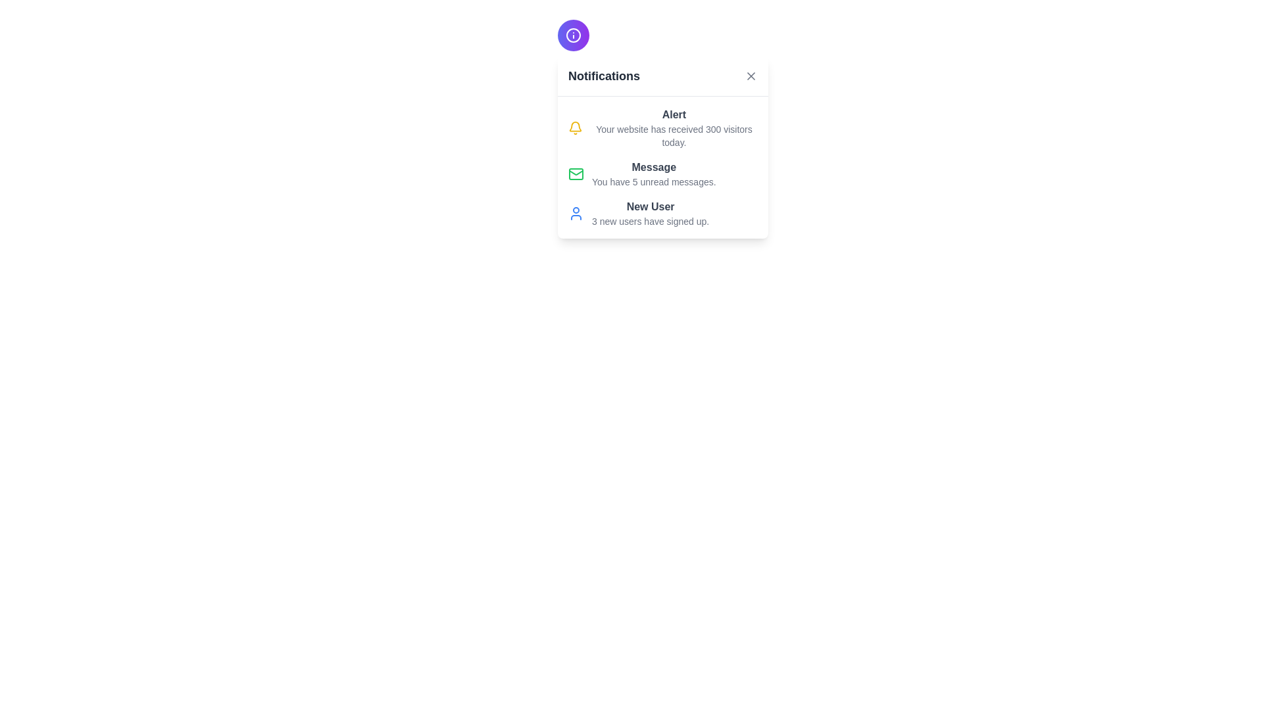 Image resolution: width=1263 pixels, height=710 pixels. I want to click on the circular SVG element with a purple outer color located in the icon above the notifications popup, so click(574, 35).